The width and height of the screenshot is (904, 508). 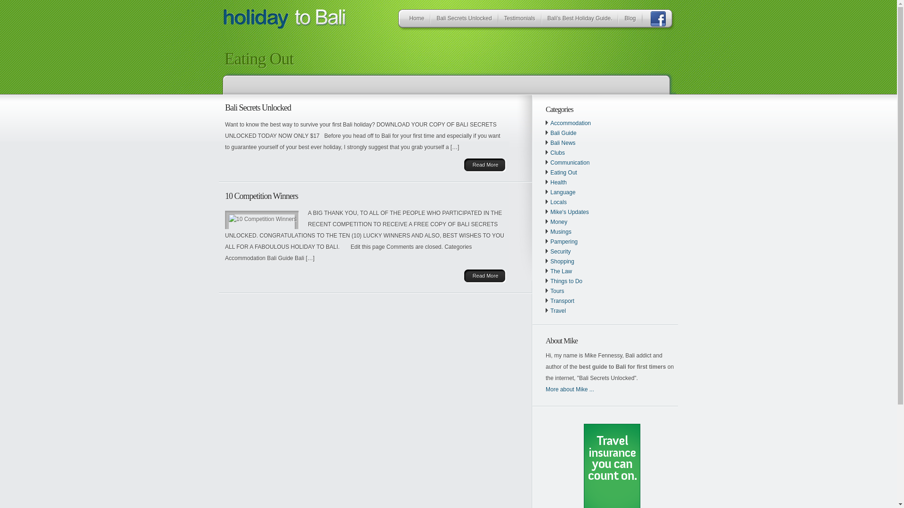 I want to click on 'Travel', so click(x=550, y=310).